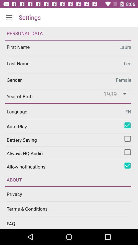 This screenshot has height=245, width=138. What do you see at coordinates (72, 194) in the screenshot?
I see `the privacy item` at bounding box center [72, 194].